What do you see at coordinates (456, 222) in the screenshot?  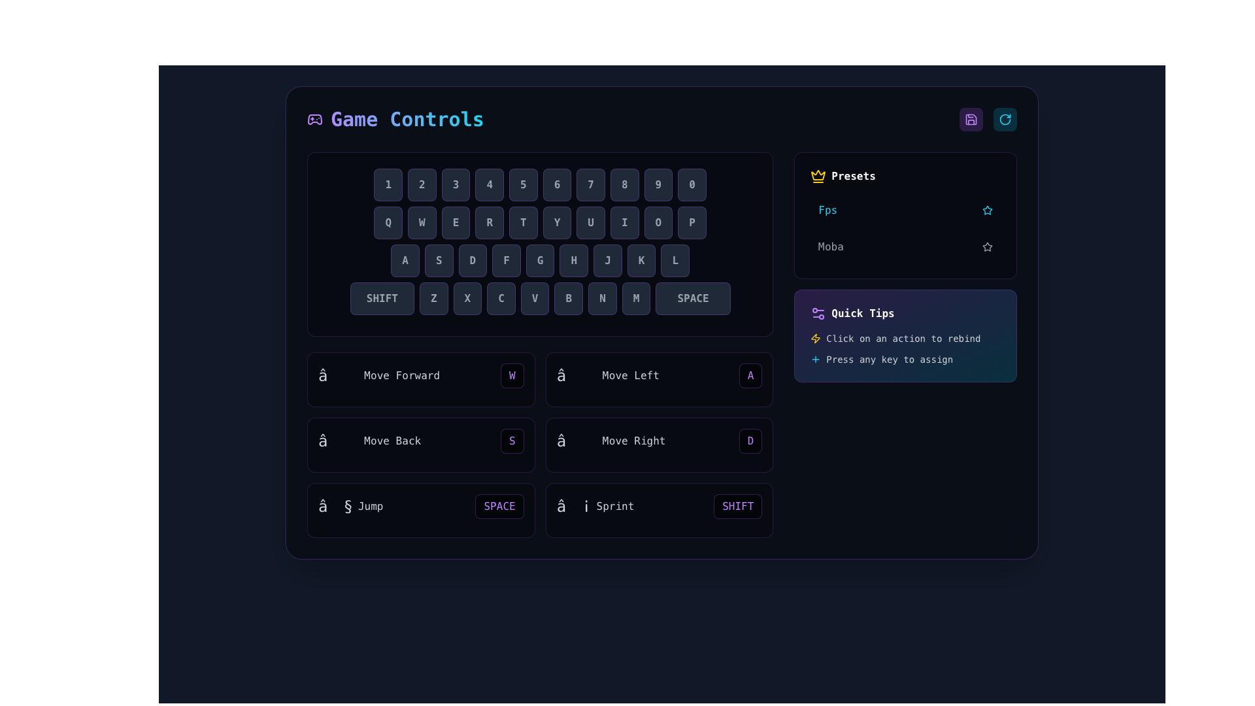 I see `the button displaying the character 'E' with a dark background, located between the buttons 'W' and 'R' in the keyboard-like layout` at bounding box center [456, 222].